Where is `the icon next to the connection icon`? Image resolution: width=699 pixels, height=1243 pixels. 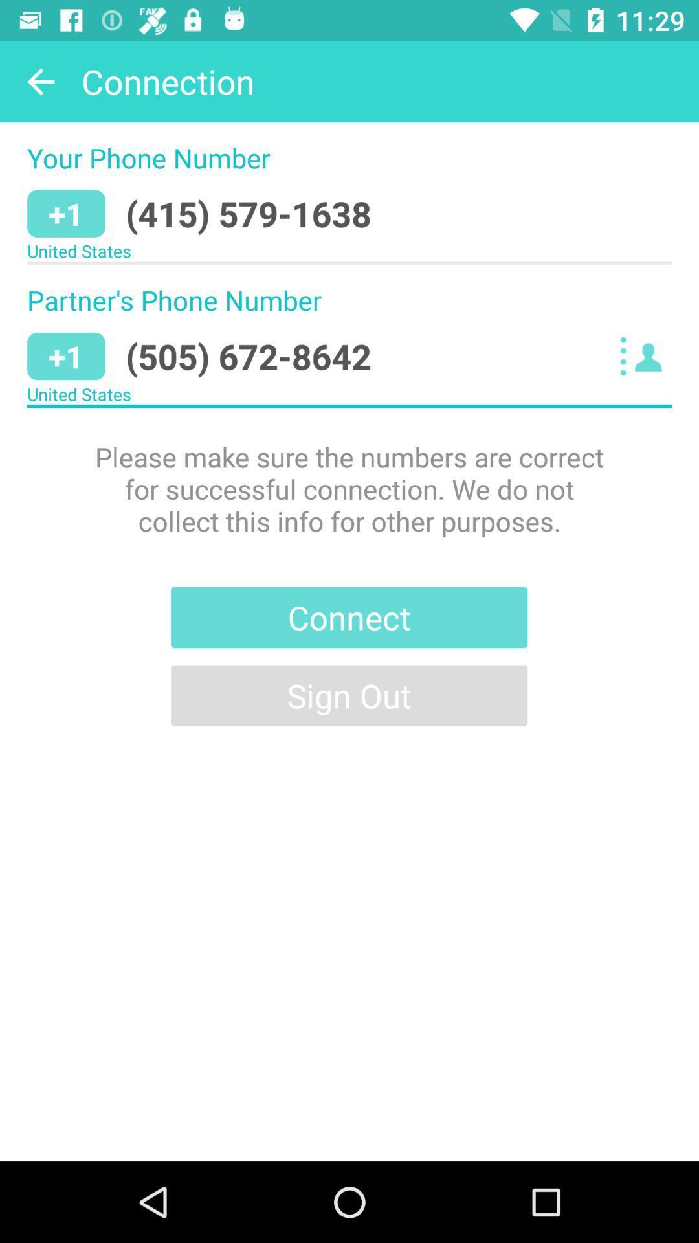
the icon next to the connection icon is located at coordinates (39, 80).